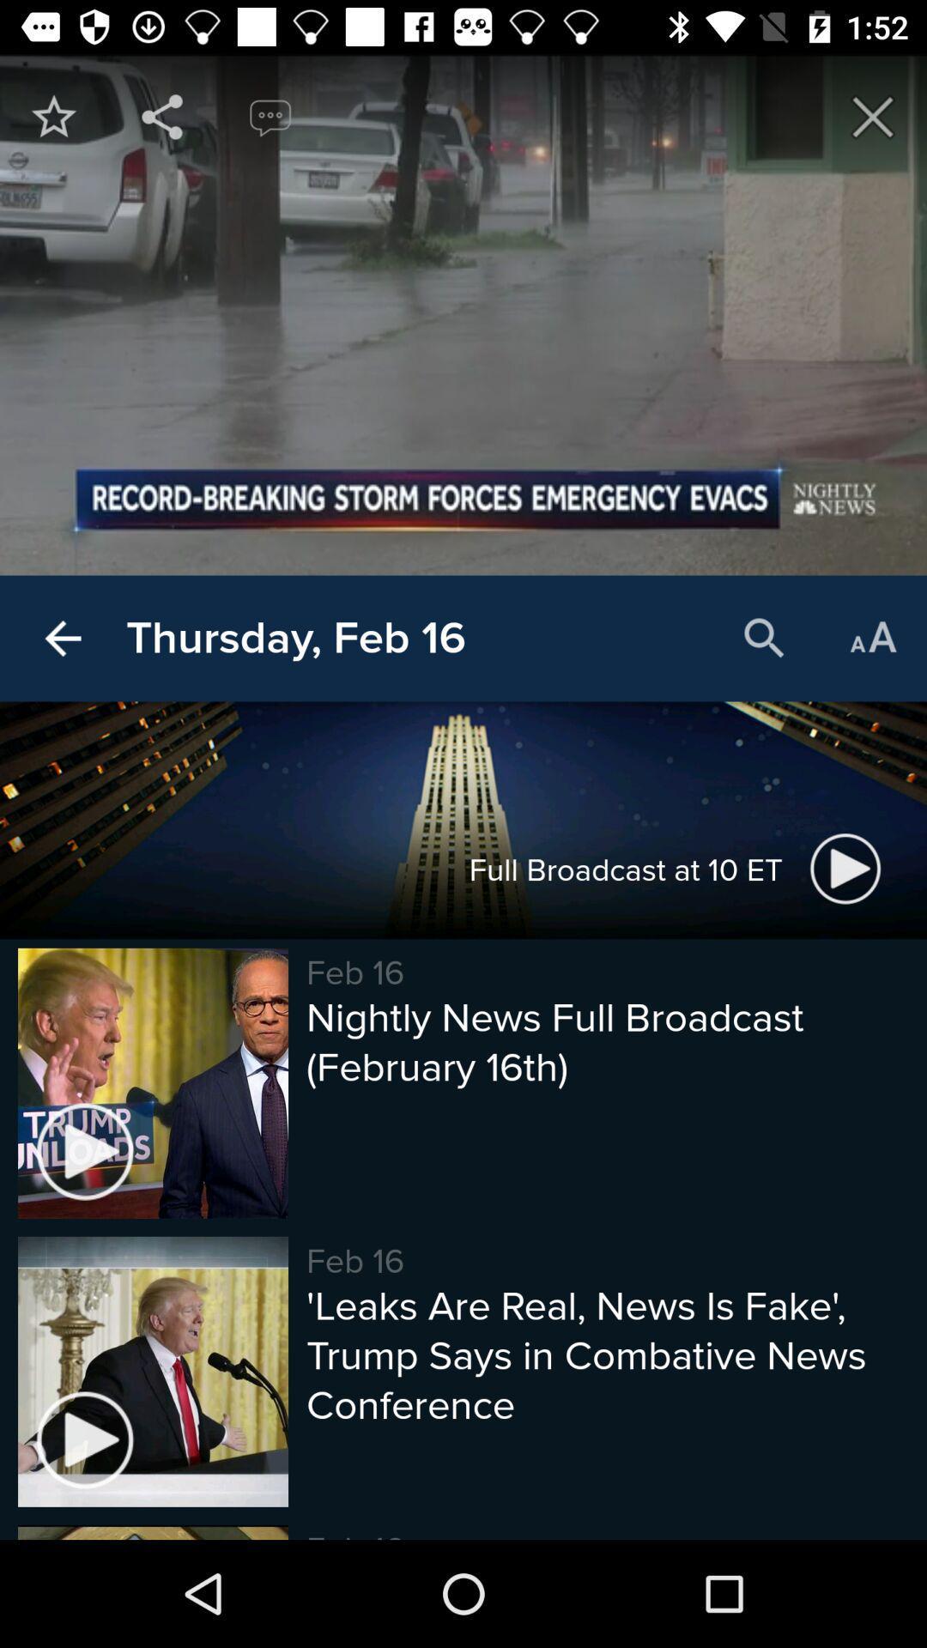 Image resolution: width=927 pixels, height=1648 pixels. Describe the element at coordinates (62, 638) in the screenshot. I see `the icon to the left of the thursday, feb 16 item` at that location.